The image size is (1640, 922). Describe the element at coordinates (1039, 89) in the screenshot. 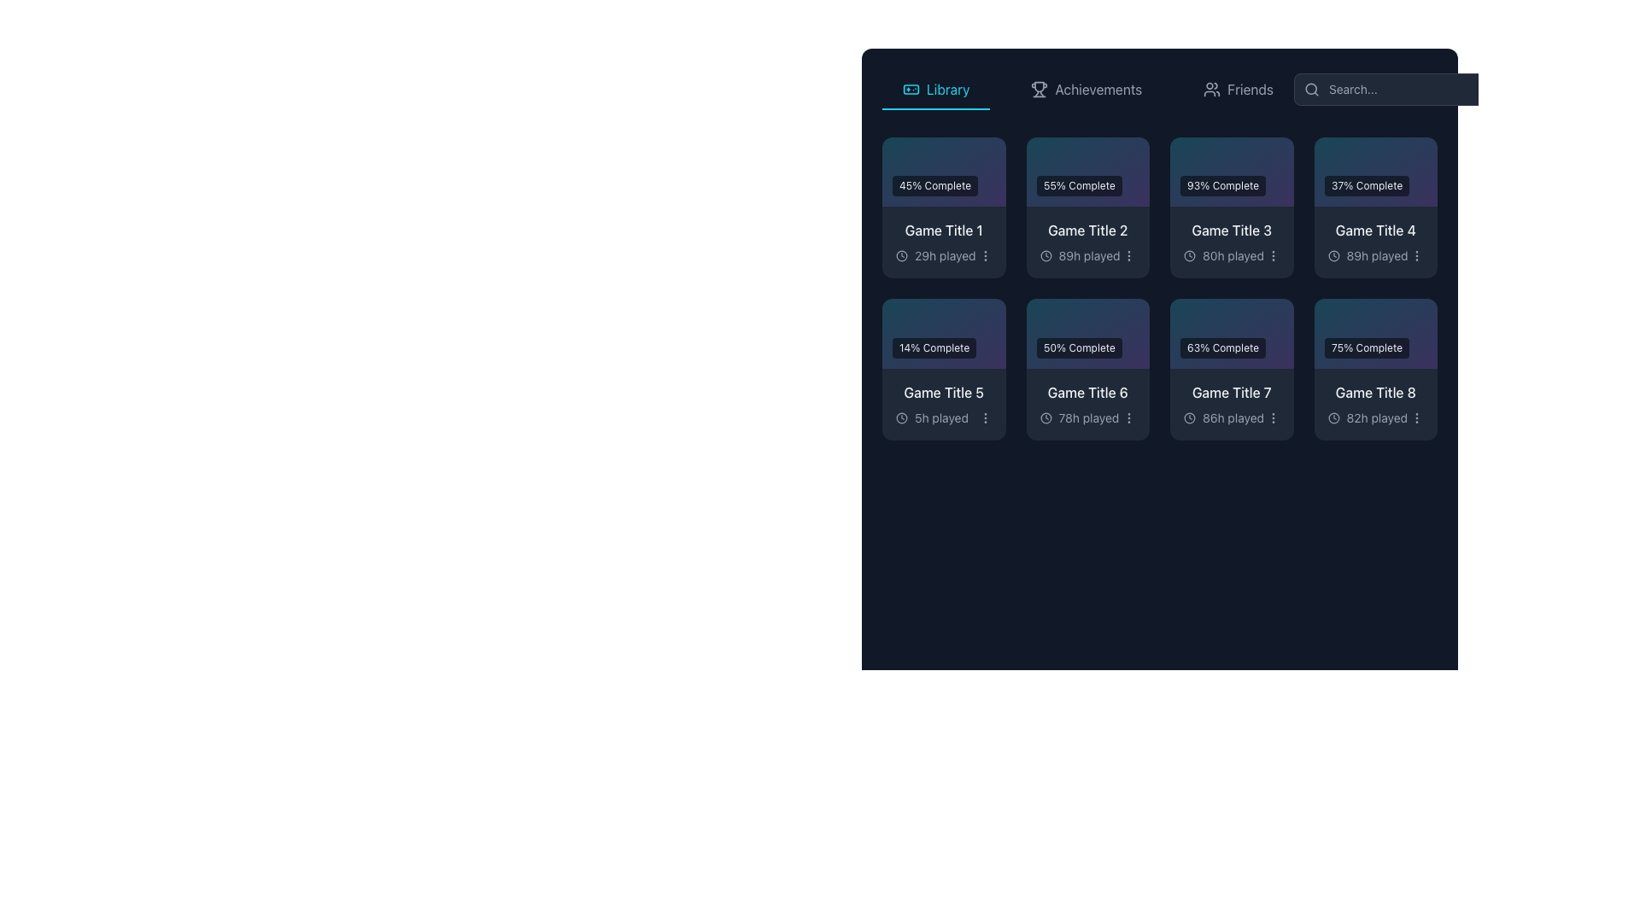

I see `the 'Achievements' icon located to the left of the text 'Achievements' in the horizontal navigation bar at the top center of the interface` at that location.